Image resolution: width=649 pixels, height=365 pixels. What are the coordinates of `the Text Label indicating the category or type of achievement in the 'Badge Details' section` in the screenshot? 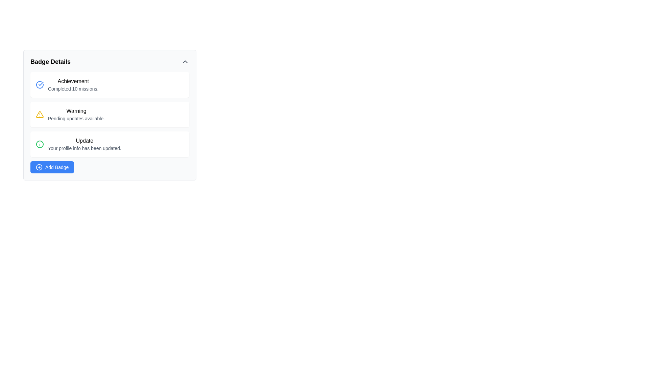 It's located at (73, 81).